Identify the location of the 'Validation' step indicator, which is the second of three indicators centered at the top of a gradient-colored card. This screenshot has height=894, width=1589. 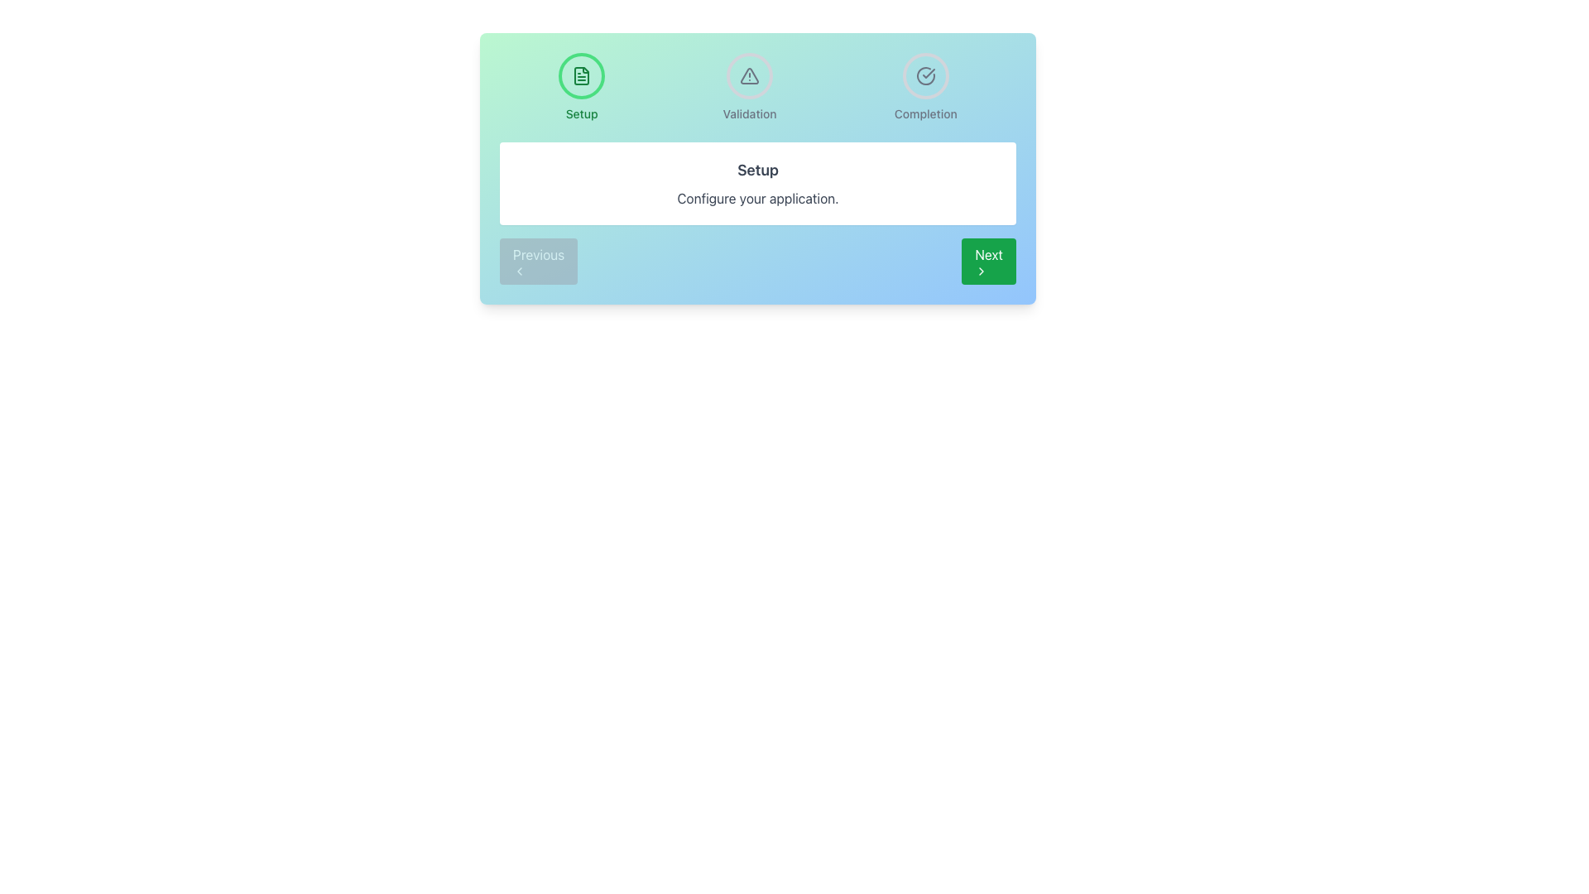
(757, 87).